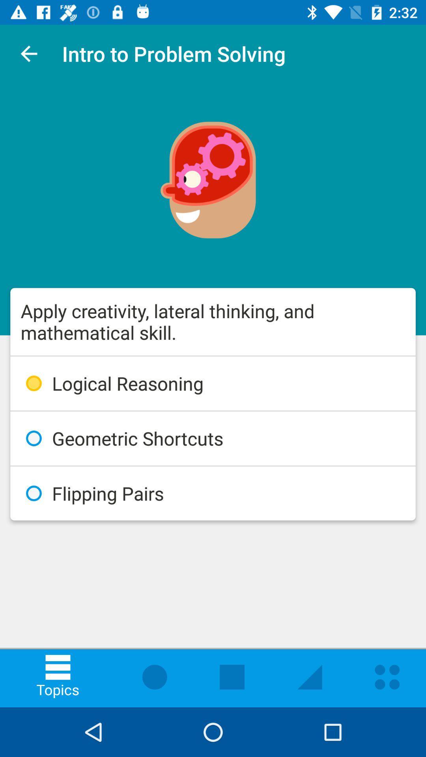 Image resolution: width=426 pixels, height=757 pixels. What do you see at coordinates (213, 493) in the screenshot?
I see `flipping pairs item` at bounding box center [213, 493].